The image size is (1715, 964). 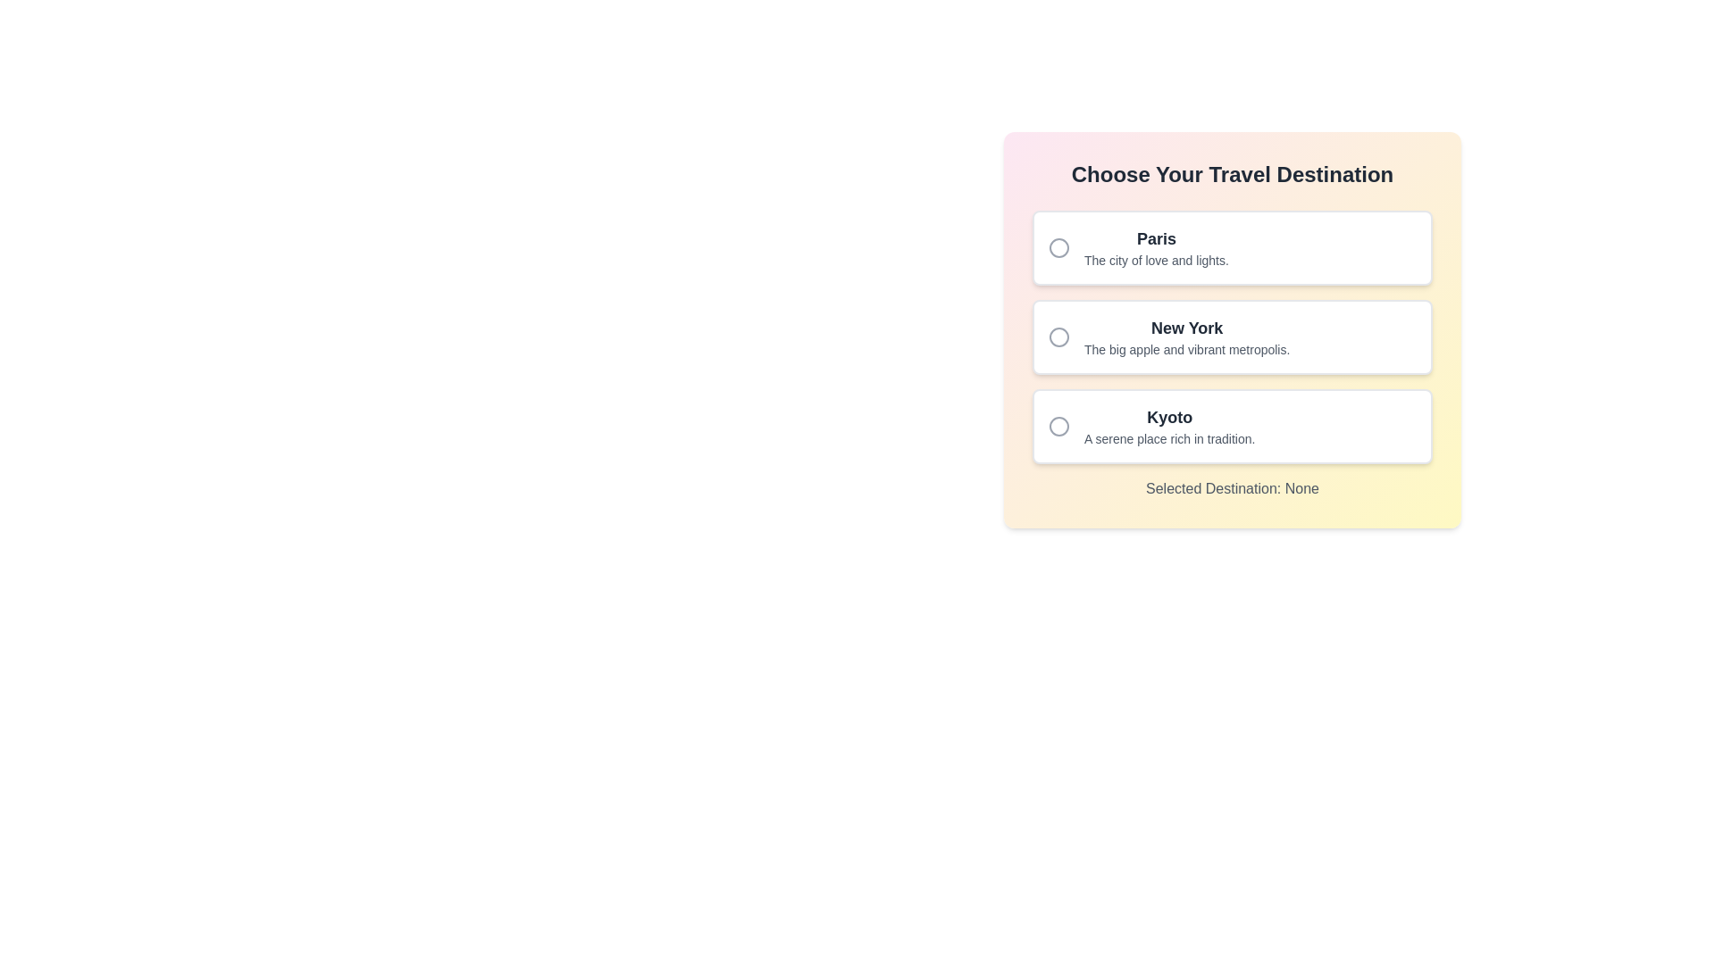 I want to click on the 'New York' radio button option in the selection interface, so click(x=1232, y=337).